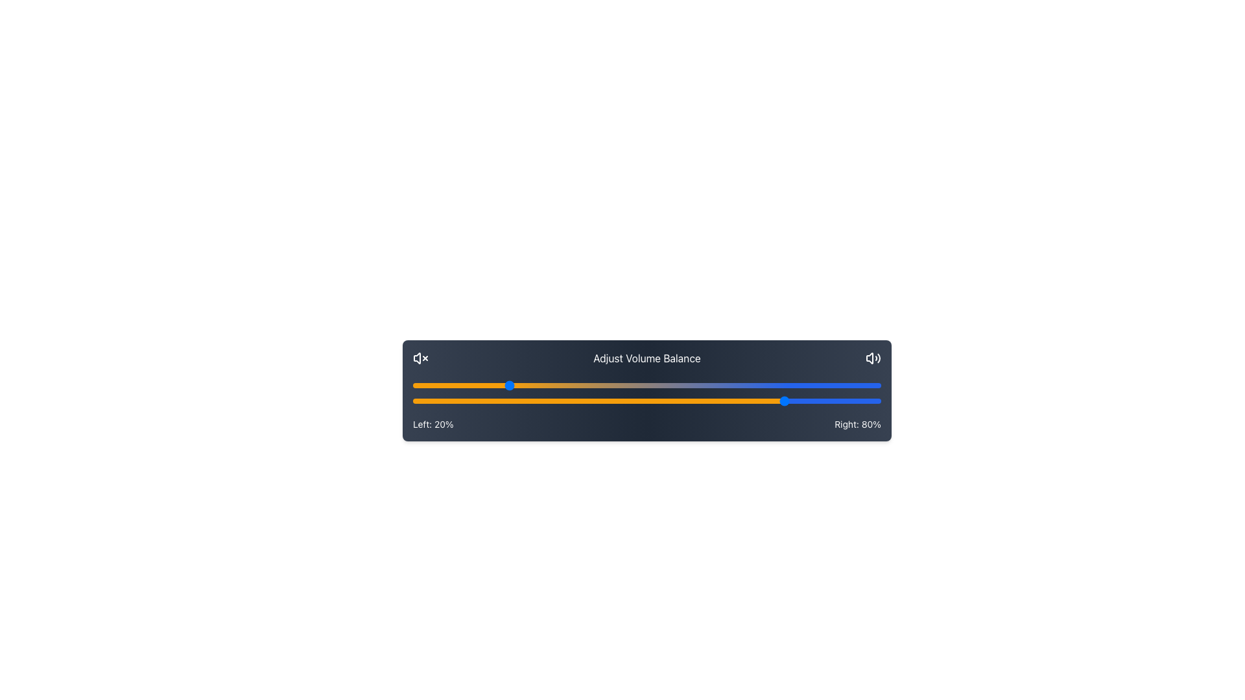  What do you see at coordinates (858, 425) in the screenshot?
I see `the Text Label displaying 'Right: 80%' which indicates balance information and is styled in white text on a dark background` at bounding box center [858, 425].